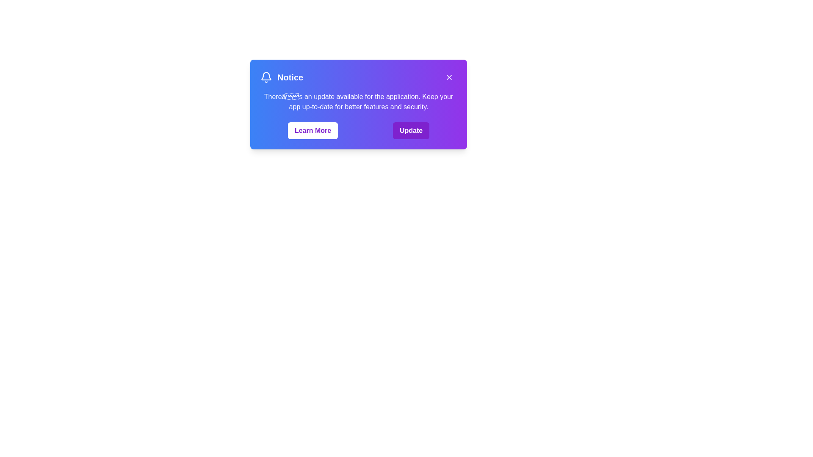 The image size is (813, 457). Describe the element at coordinates (312, 130) in the screenshot. I see `'Learn More' button to navigate to more details` at that location.